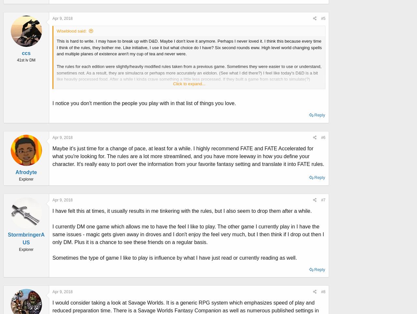  Describe the element at coordinates (150, 161) in the screenshot. I see `'Monsters and characters from the various fantasy creators especially ones from or adjacent to D&D.'` at that location.